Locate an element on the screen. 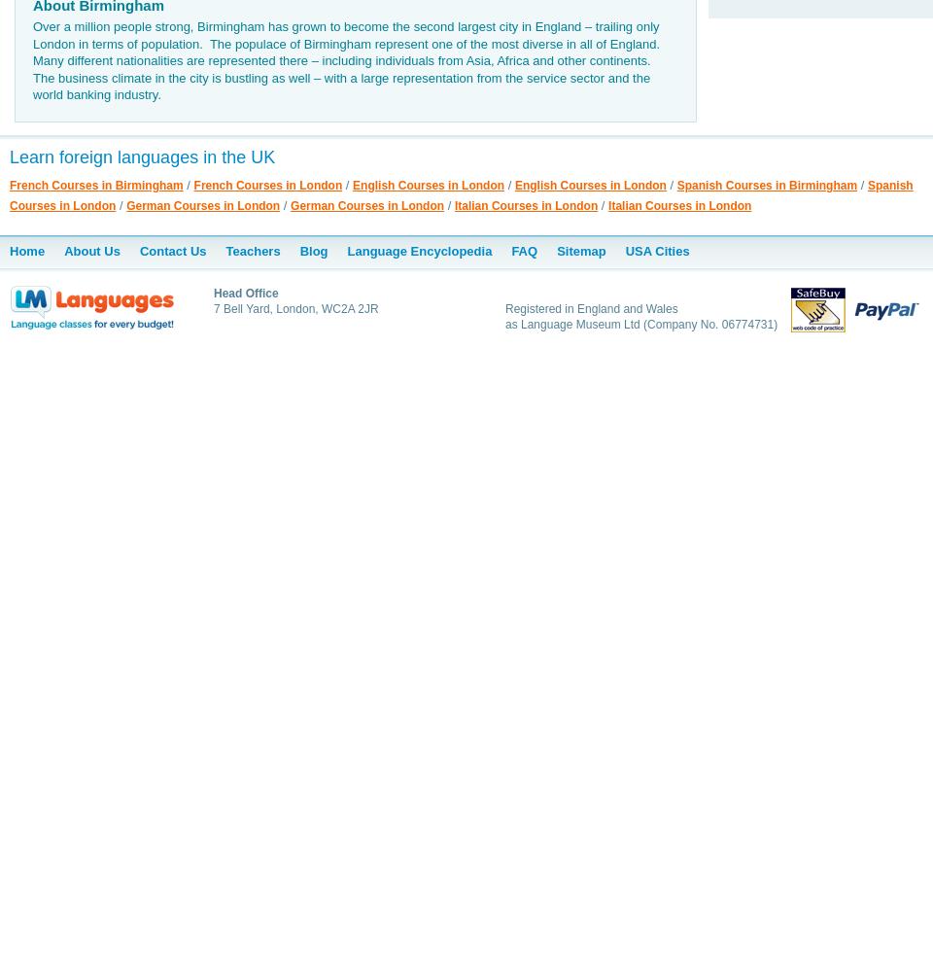 The height and width of the screenshot is (972, 933). '7 Bell Yard, 
					London, WC2A 2JR' is located at coordinates (214, 307).